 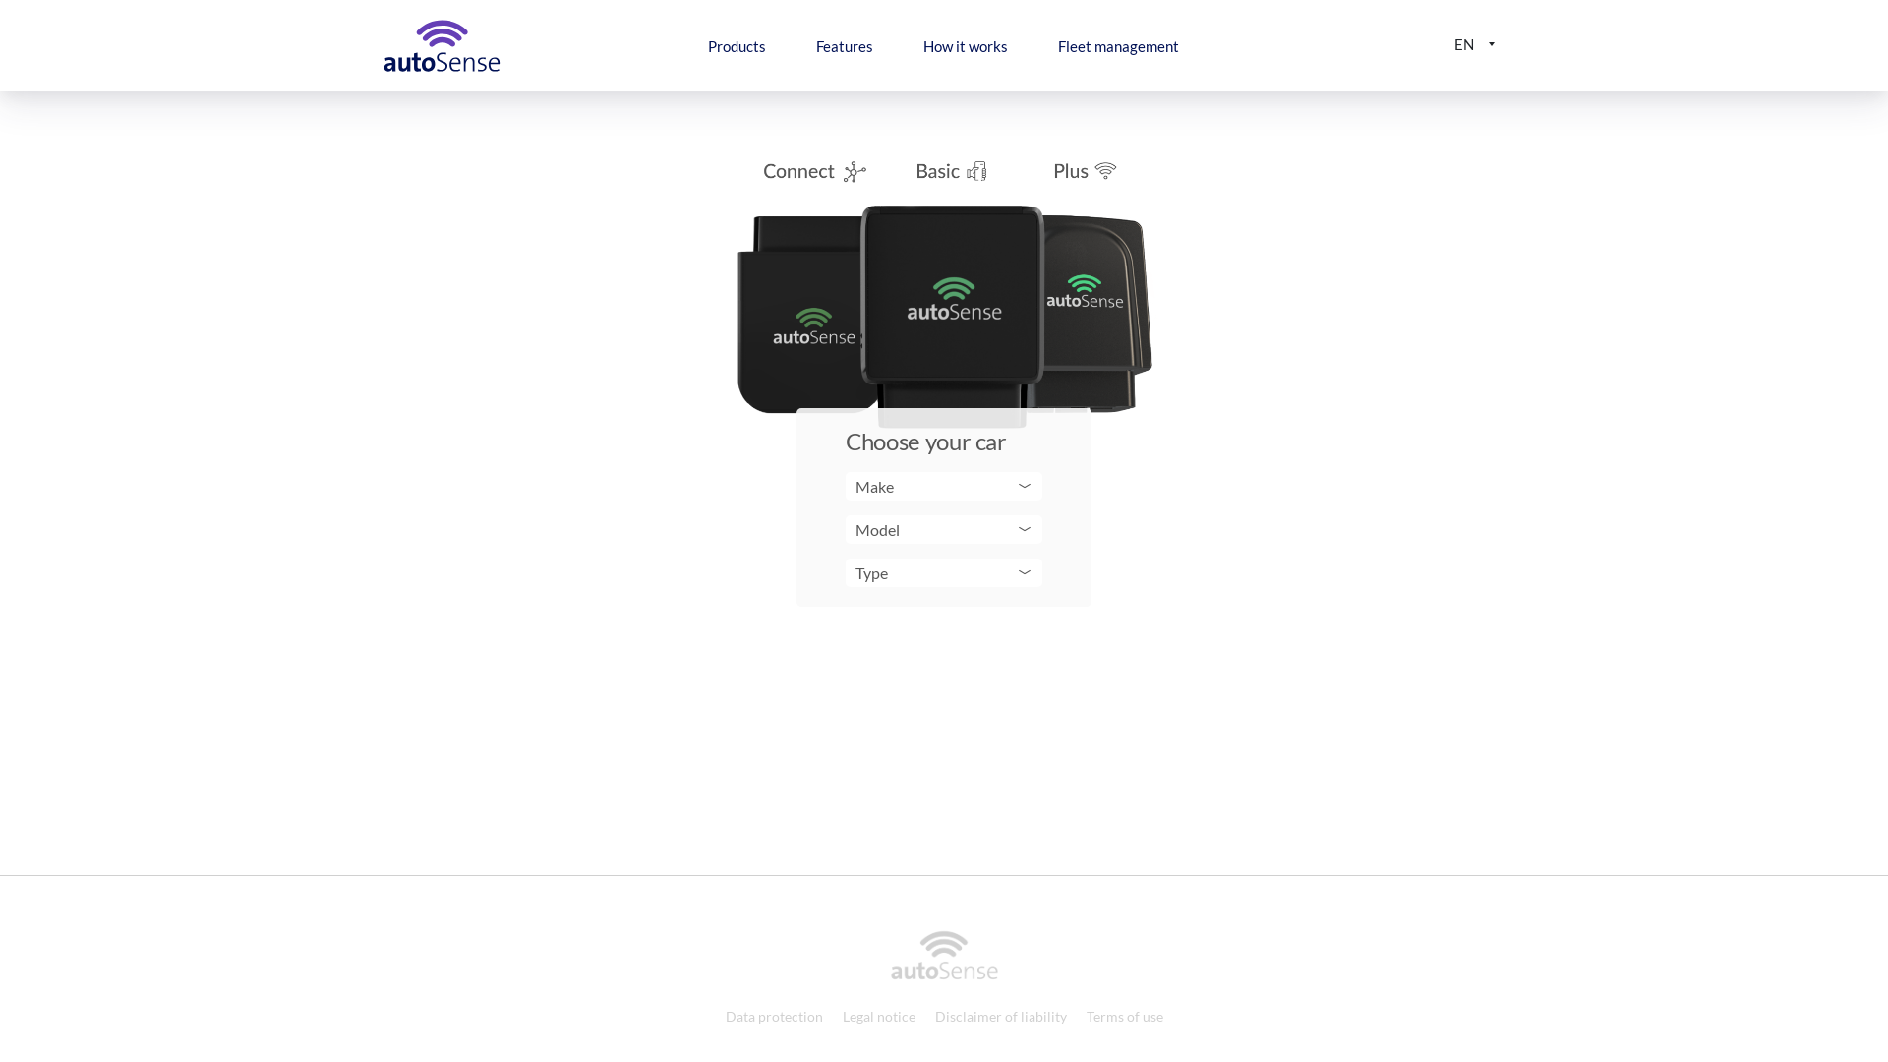 I want to click on 'EN', so click(x=1474, y=44).